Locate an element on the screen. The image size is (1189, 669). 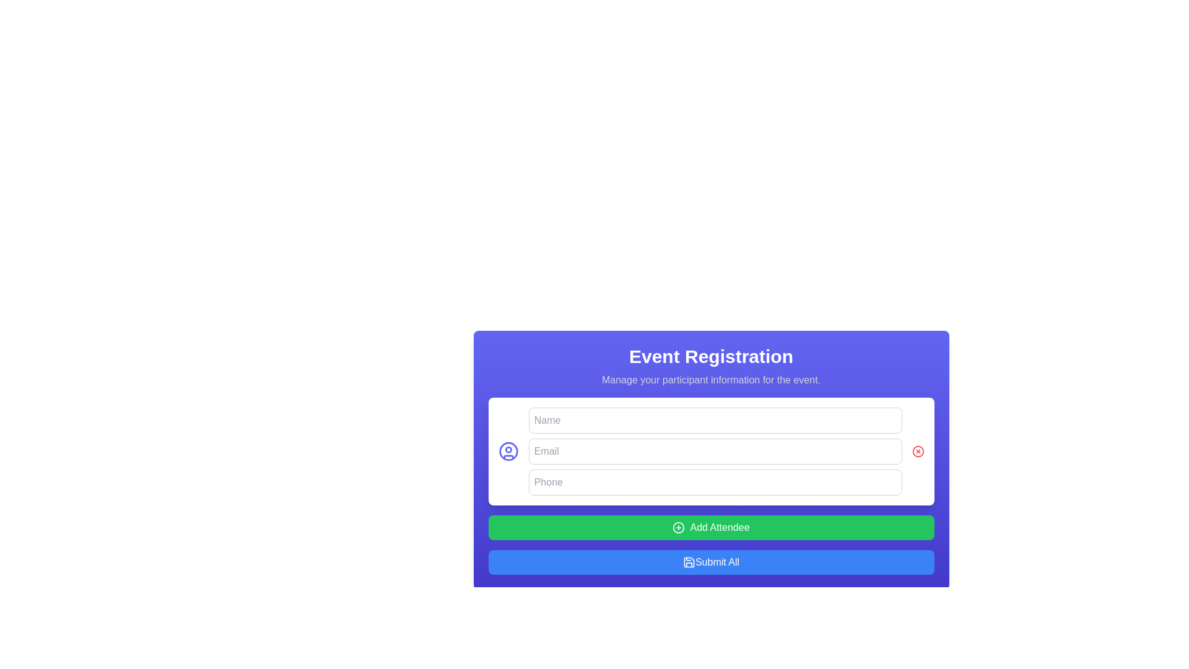
the circular graphic element of the close button icon located on the far right side of the input fields in the event form is located at coordinates (918, 452).